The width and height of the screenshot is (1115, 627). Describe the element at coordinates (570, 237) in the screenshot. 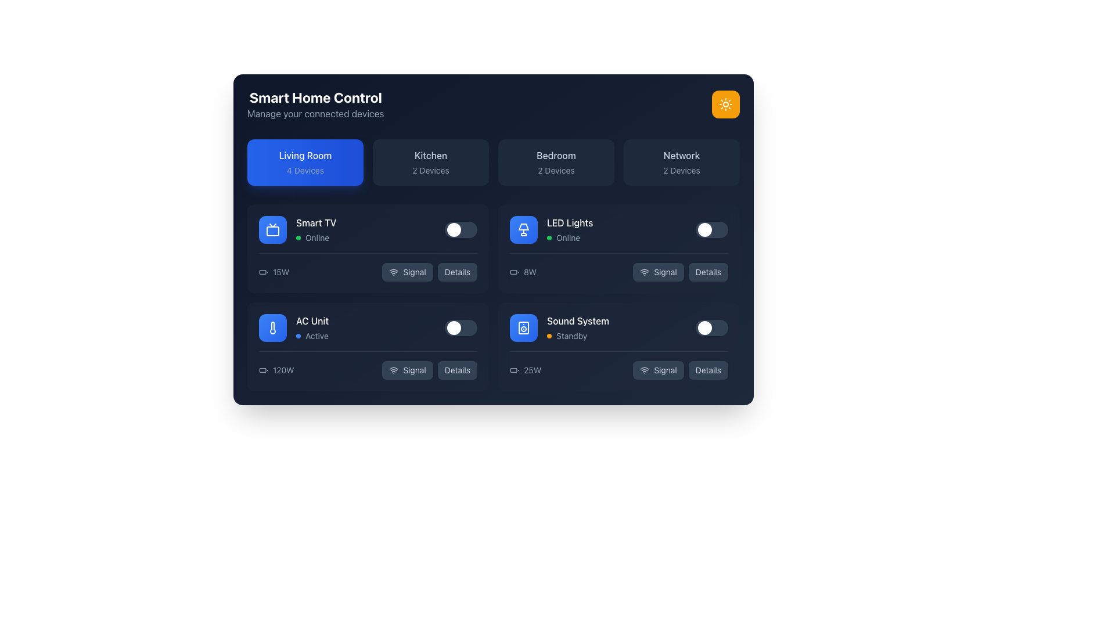

I see `status text from the label that displays 'Online' with a green indicator, located in the 'LED Lights' section under the 'Living Room' group` at that location.